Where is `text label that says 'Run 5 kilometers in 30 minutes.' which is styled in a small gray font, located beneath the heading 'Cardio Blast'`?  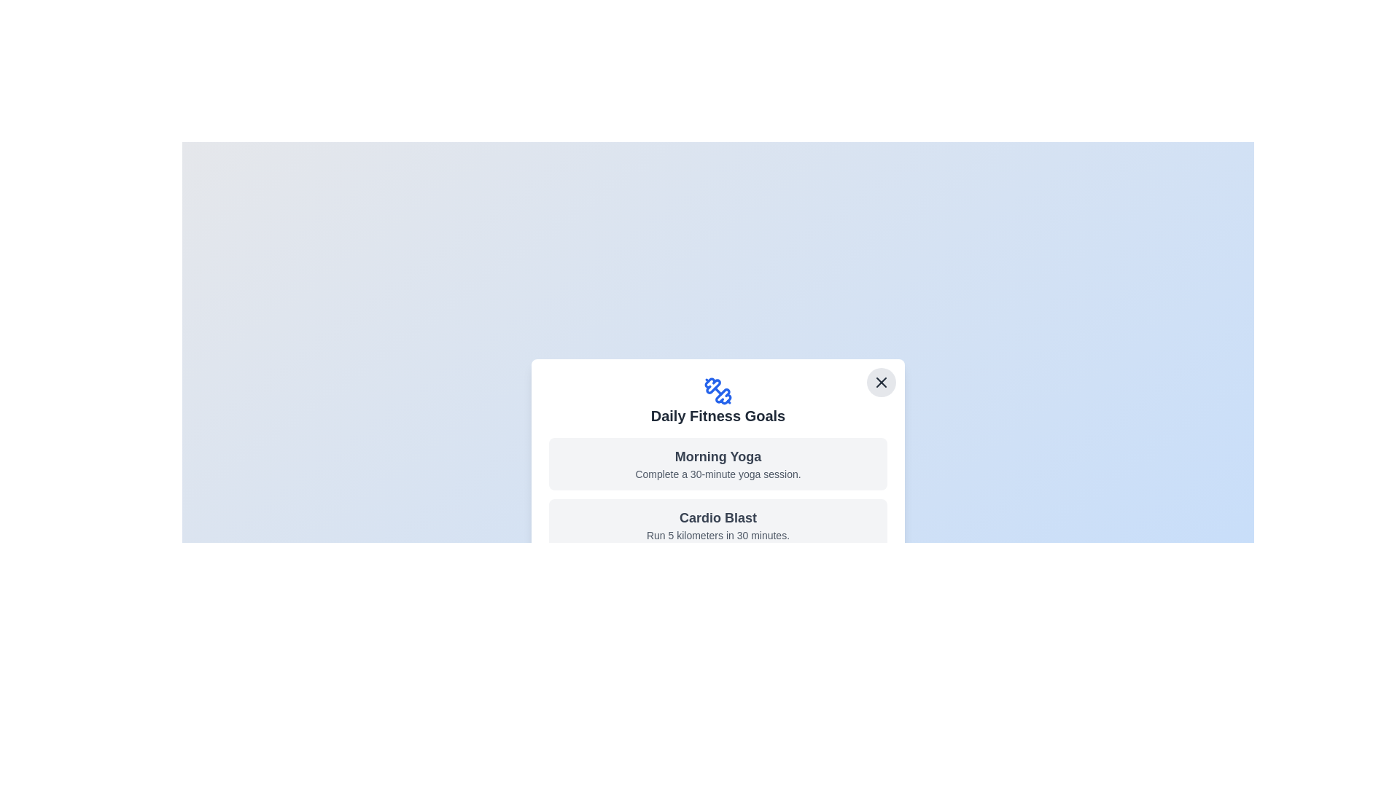
text label that says 'Run 5 kilometers in 30 minutes.' which is styled in a small gray font, located beneath the heading 'Cardio Blast' is located at coordinates (717, 536).